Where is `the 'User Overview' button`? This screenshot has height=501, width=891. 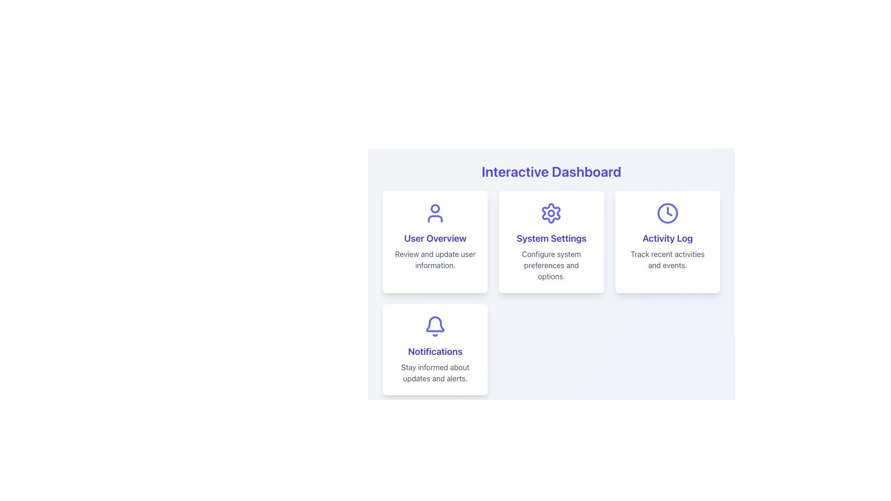
the 'User Overview' button is located at coordinates (435, 241).